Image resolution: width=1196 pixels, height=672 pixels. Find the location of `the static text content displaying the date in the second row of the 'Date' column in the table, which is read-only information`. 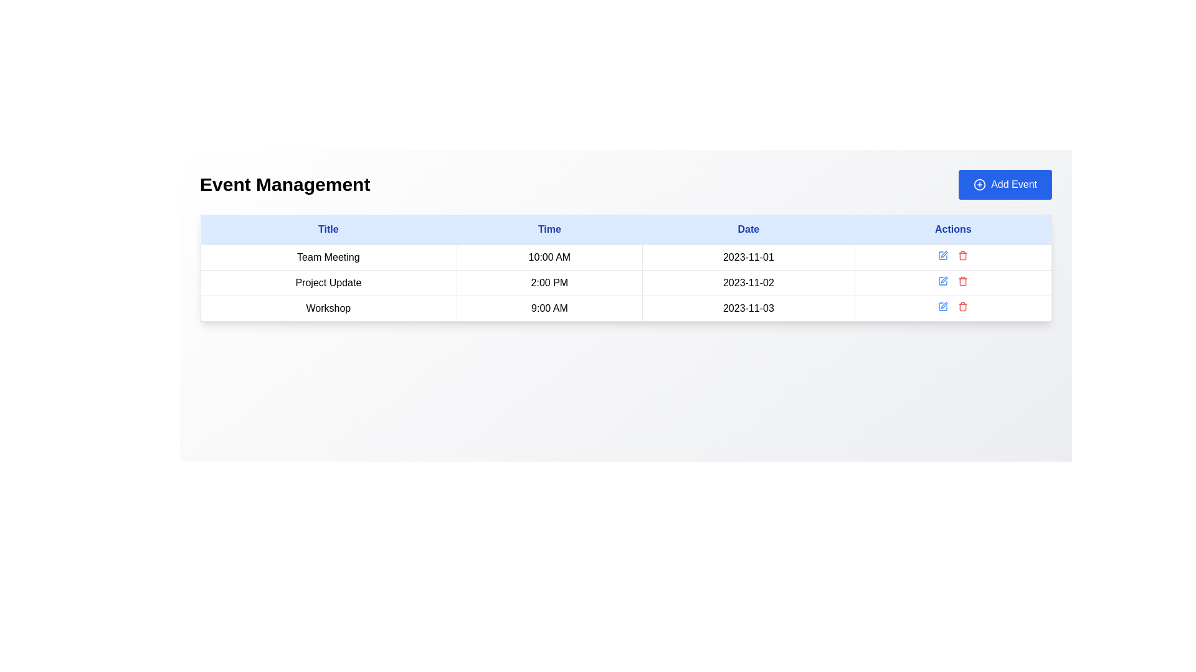

the static text content displaying the date in the second row of the 'Date' column in the table, which is read-only information is located at coordinates (747, 256).